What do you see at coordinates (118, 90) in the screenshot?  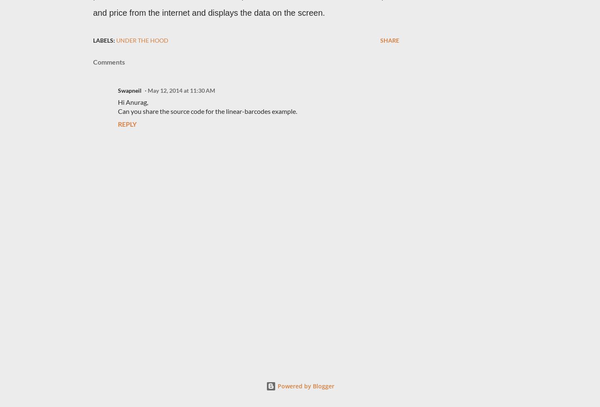 I see `'Swapneil'` at bounding box center [118, 90].